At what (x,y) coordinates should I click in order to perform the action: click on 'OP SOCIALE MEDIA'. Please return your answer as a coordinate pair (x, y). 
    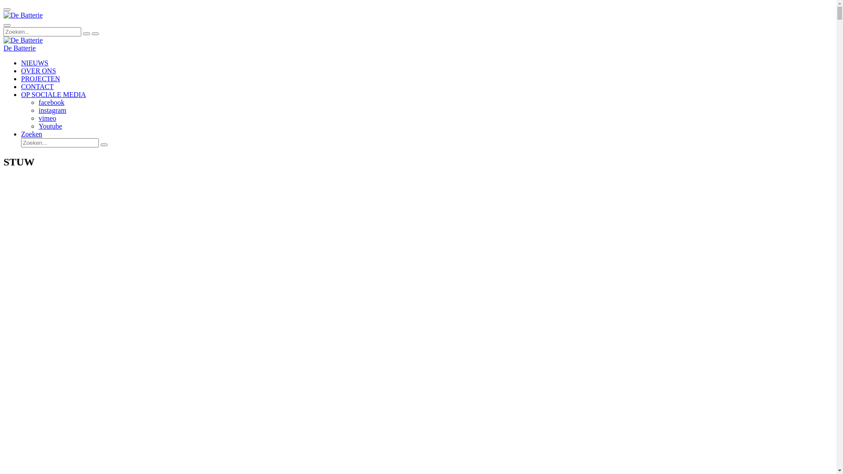
    Looking at the image, I should click on (53, 94).